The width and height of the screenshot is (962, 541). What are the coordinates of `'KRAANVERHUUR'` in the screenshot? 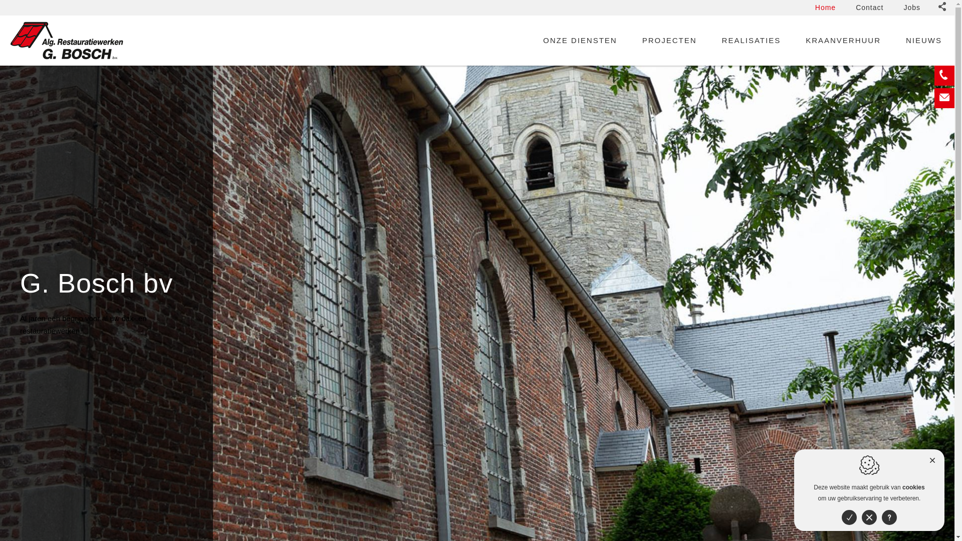 It's located at (800, 40).